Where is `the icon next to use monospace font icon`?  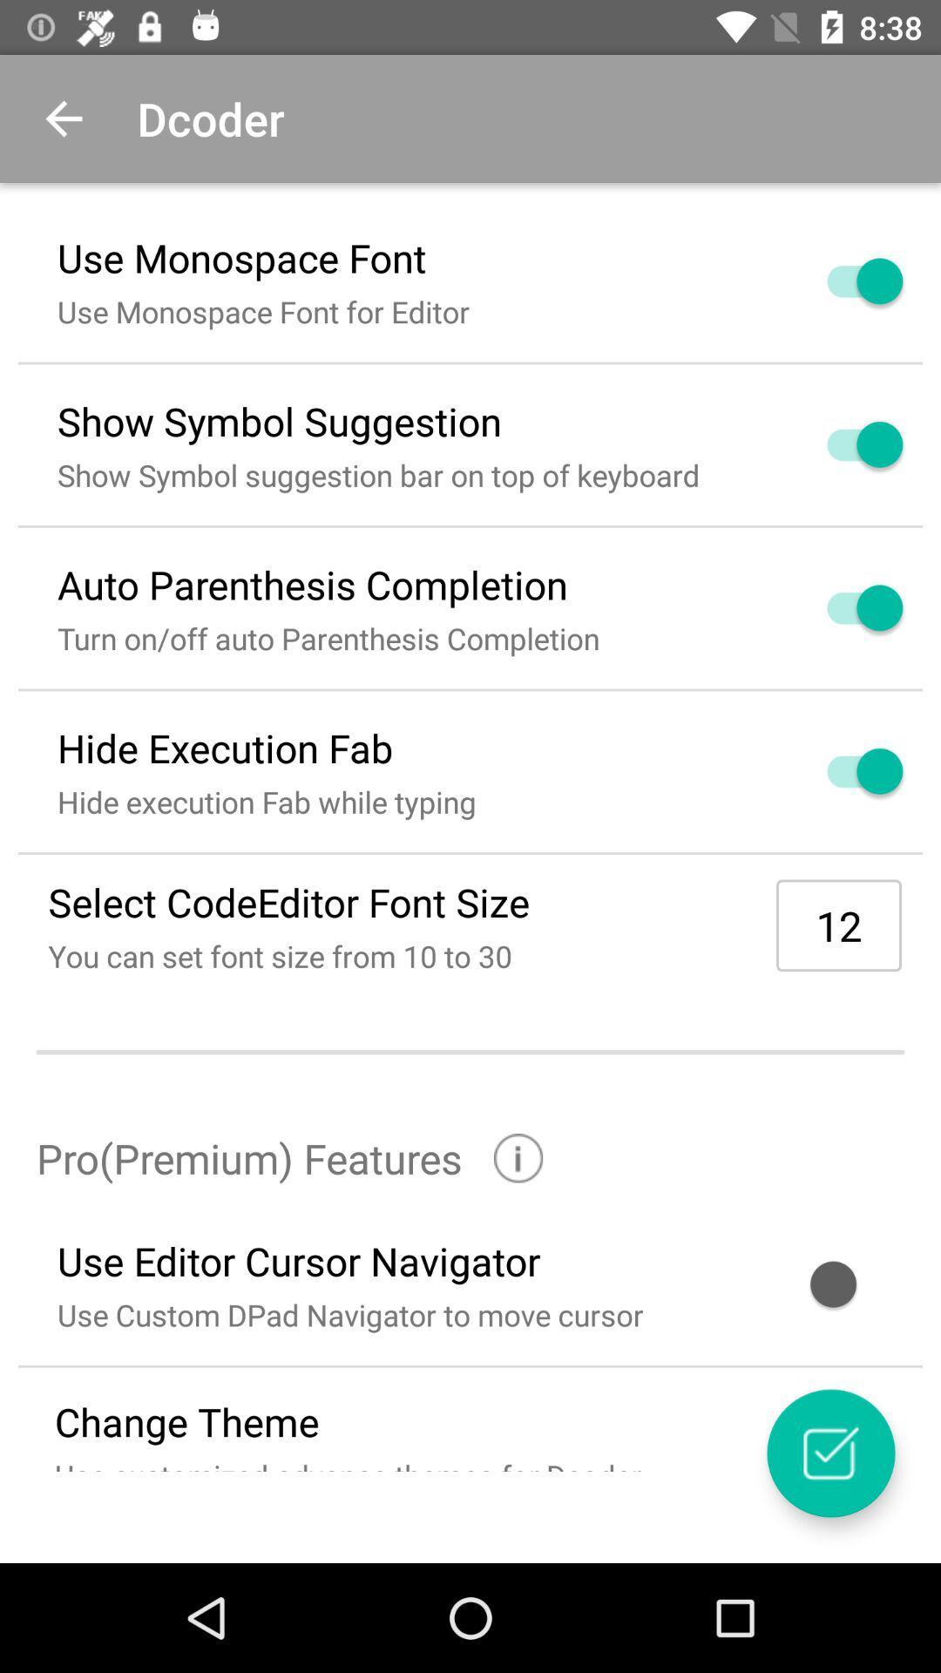
the icon next to use monospace font icon is located at coordinates (843, 281).